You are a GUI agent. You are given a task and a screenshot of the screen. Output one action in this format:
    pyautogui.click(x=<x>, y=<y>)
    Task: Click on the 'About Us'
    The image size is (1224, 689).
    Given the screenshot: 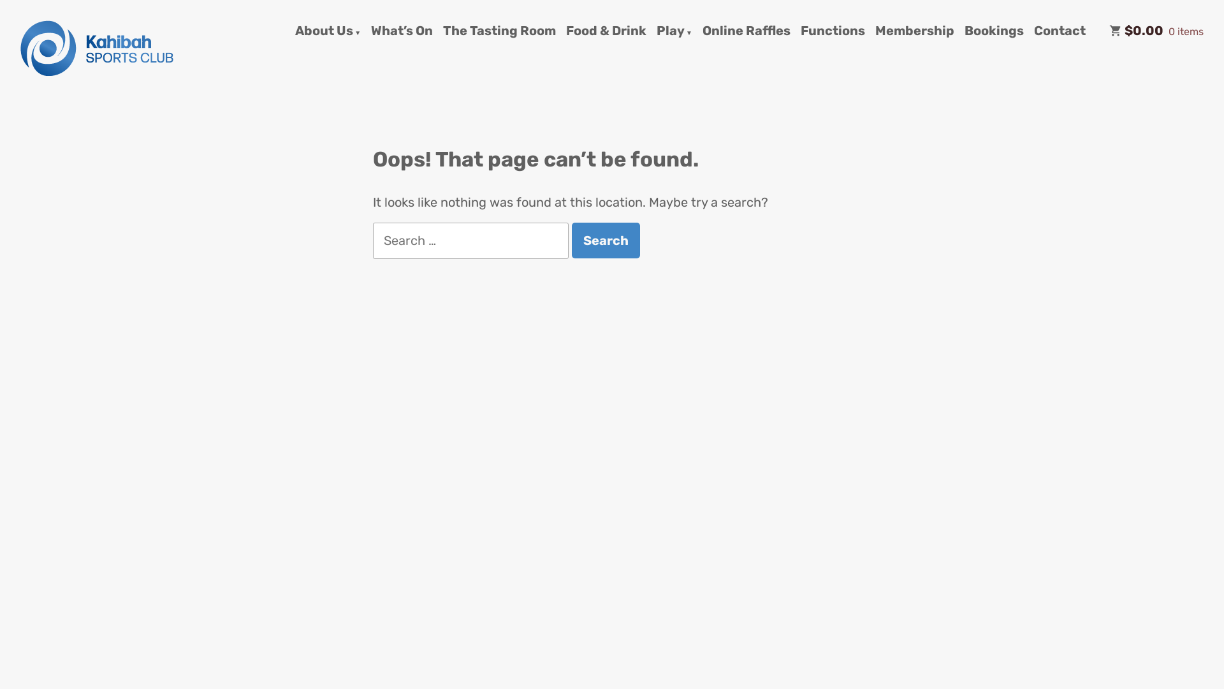 What is the action you would take?
    pyautogui.click(x=328, y=31)
    